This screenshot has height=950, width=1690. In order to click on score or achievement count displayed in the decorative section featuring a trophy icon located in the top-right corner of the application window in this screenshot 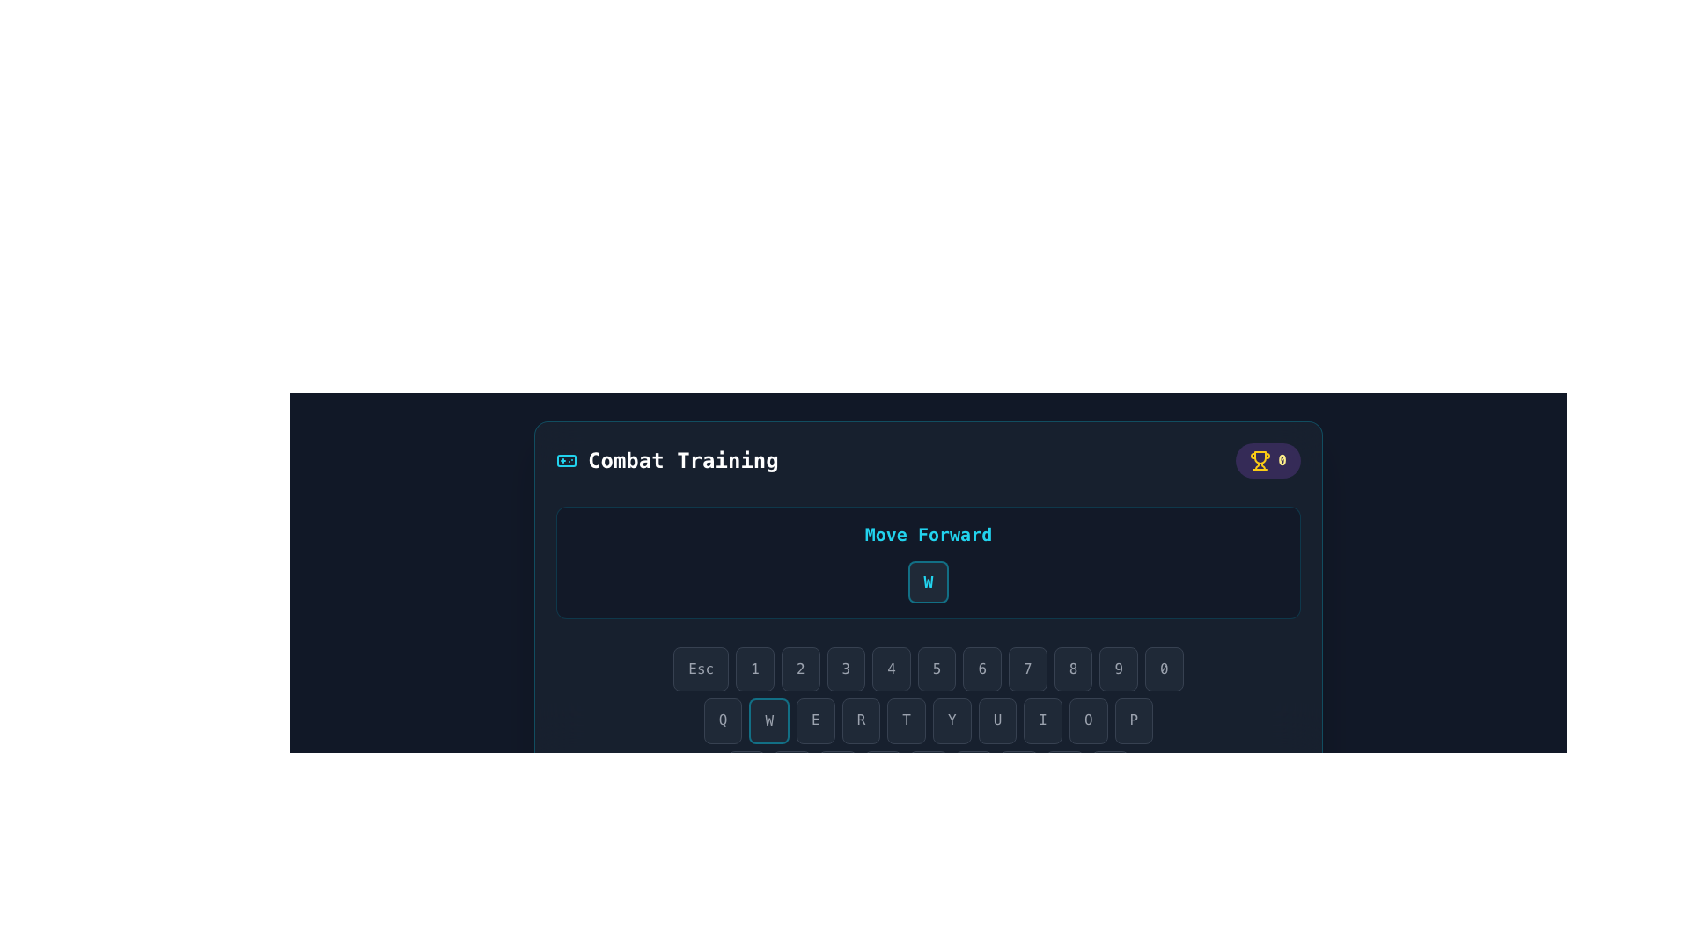, I will do `click(1268, 460)`.